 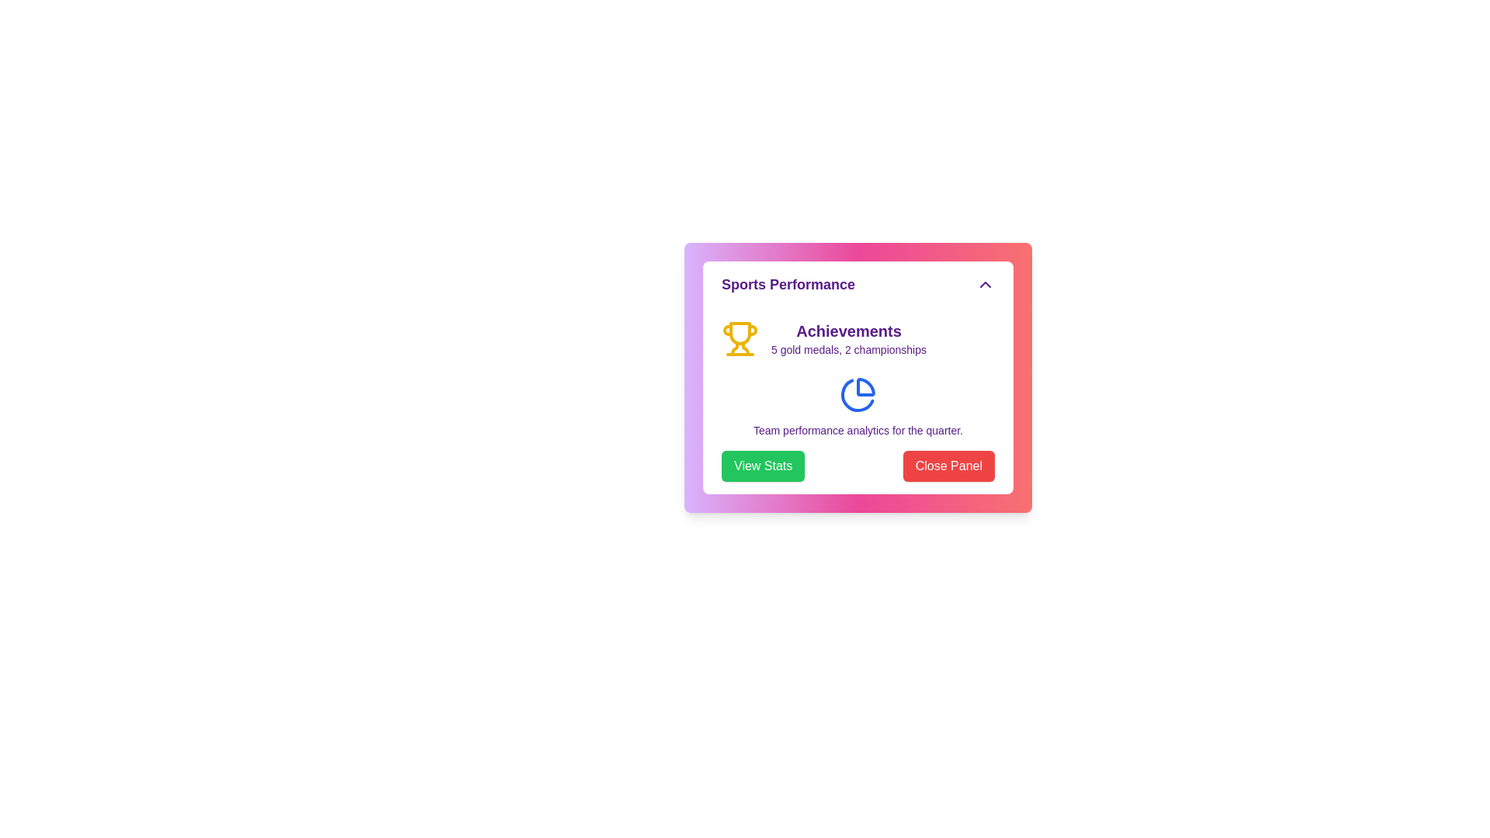 What do you see at coordinates (948, 466) in the screenshot?
I see `the 'Close Panel' button, which is a rectangular button with white bold text on a red background` at bounding box center [948, 466].